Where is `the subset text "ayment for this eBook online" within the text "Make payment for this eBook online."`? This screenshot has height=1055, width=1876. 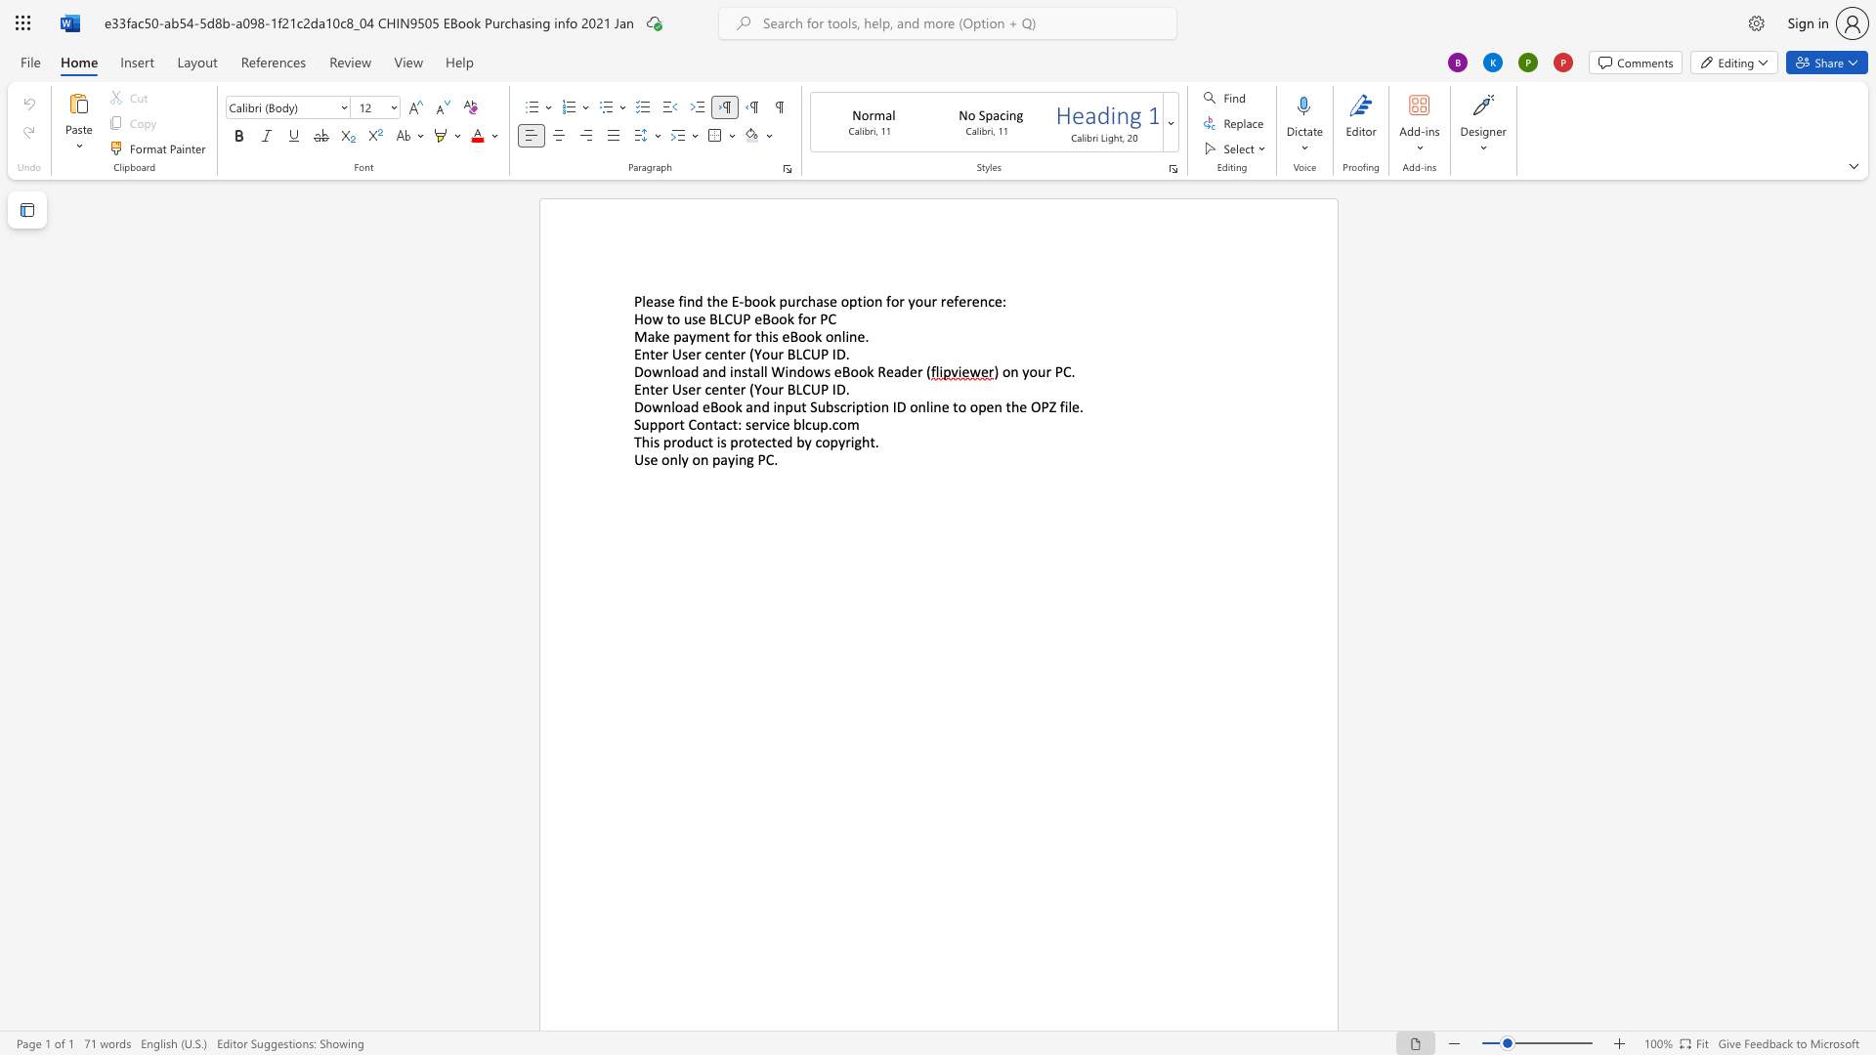
the subset text "ayment for this eBook online" within the text "Make payment for this eBook online." is located at coordinates (681, 335).